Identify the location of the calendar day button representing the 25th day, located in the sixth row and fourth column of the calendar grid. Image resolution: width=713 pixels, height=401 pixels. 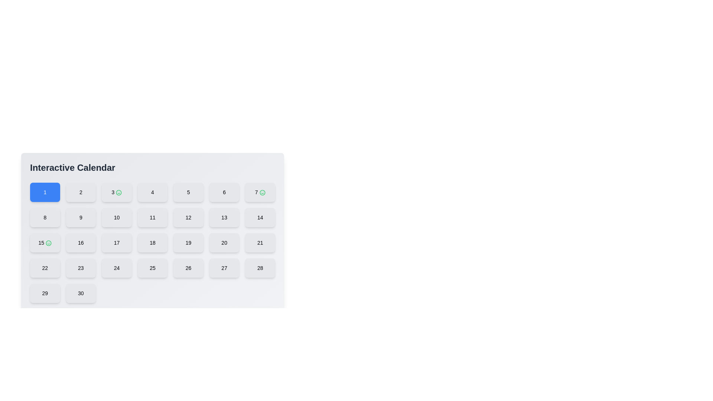
(152, 268).